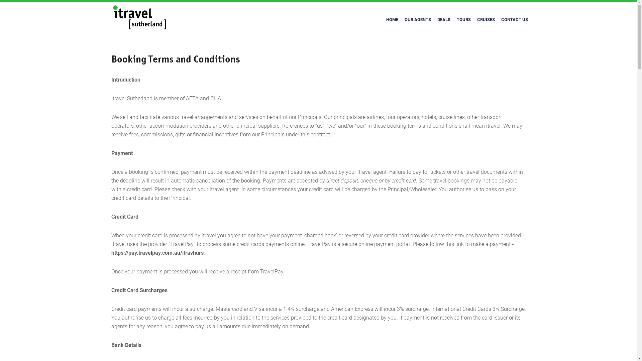 The width and height of the screenshot is (642, 361). What do you see at coordinates (392, 19) in the screenshot?
I see `'HOME'` at bounding box center [392, 19].